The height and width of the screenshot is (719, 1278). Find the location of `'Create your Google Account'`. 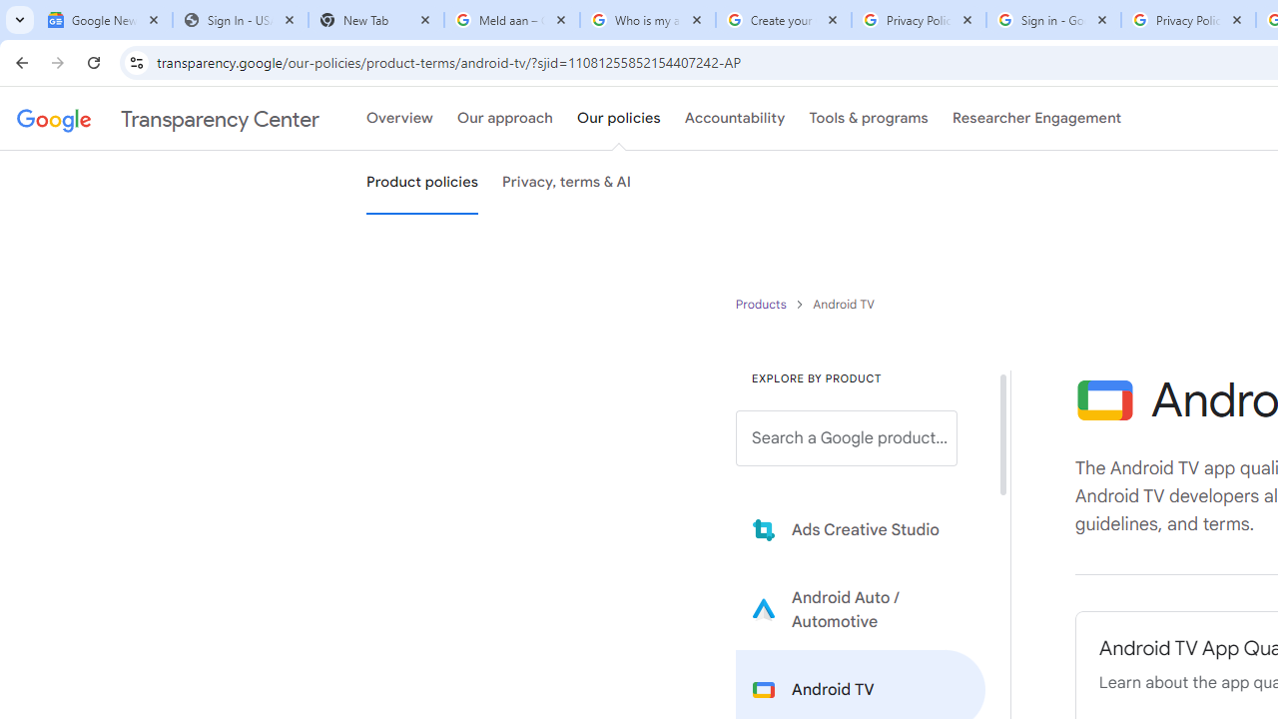

'Create your Google Account' is located at coordinates (782, 20).